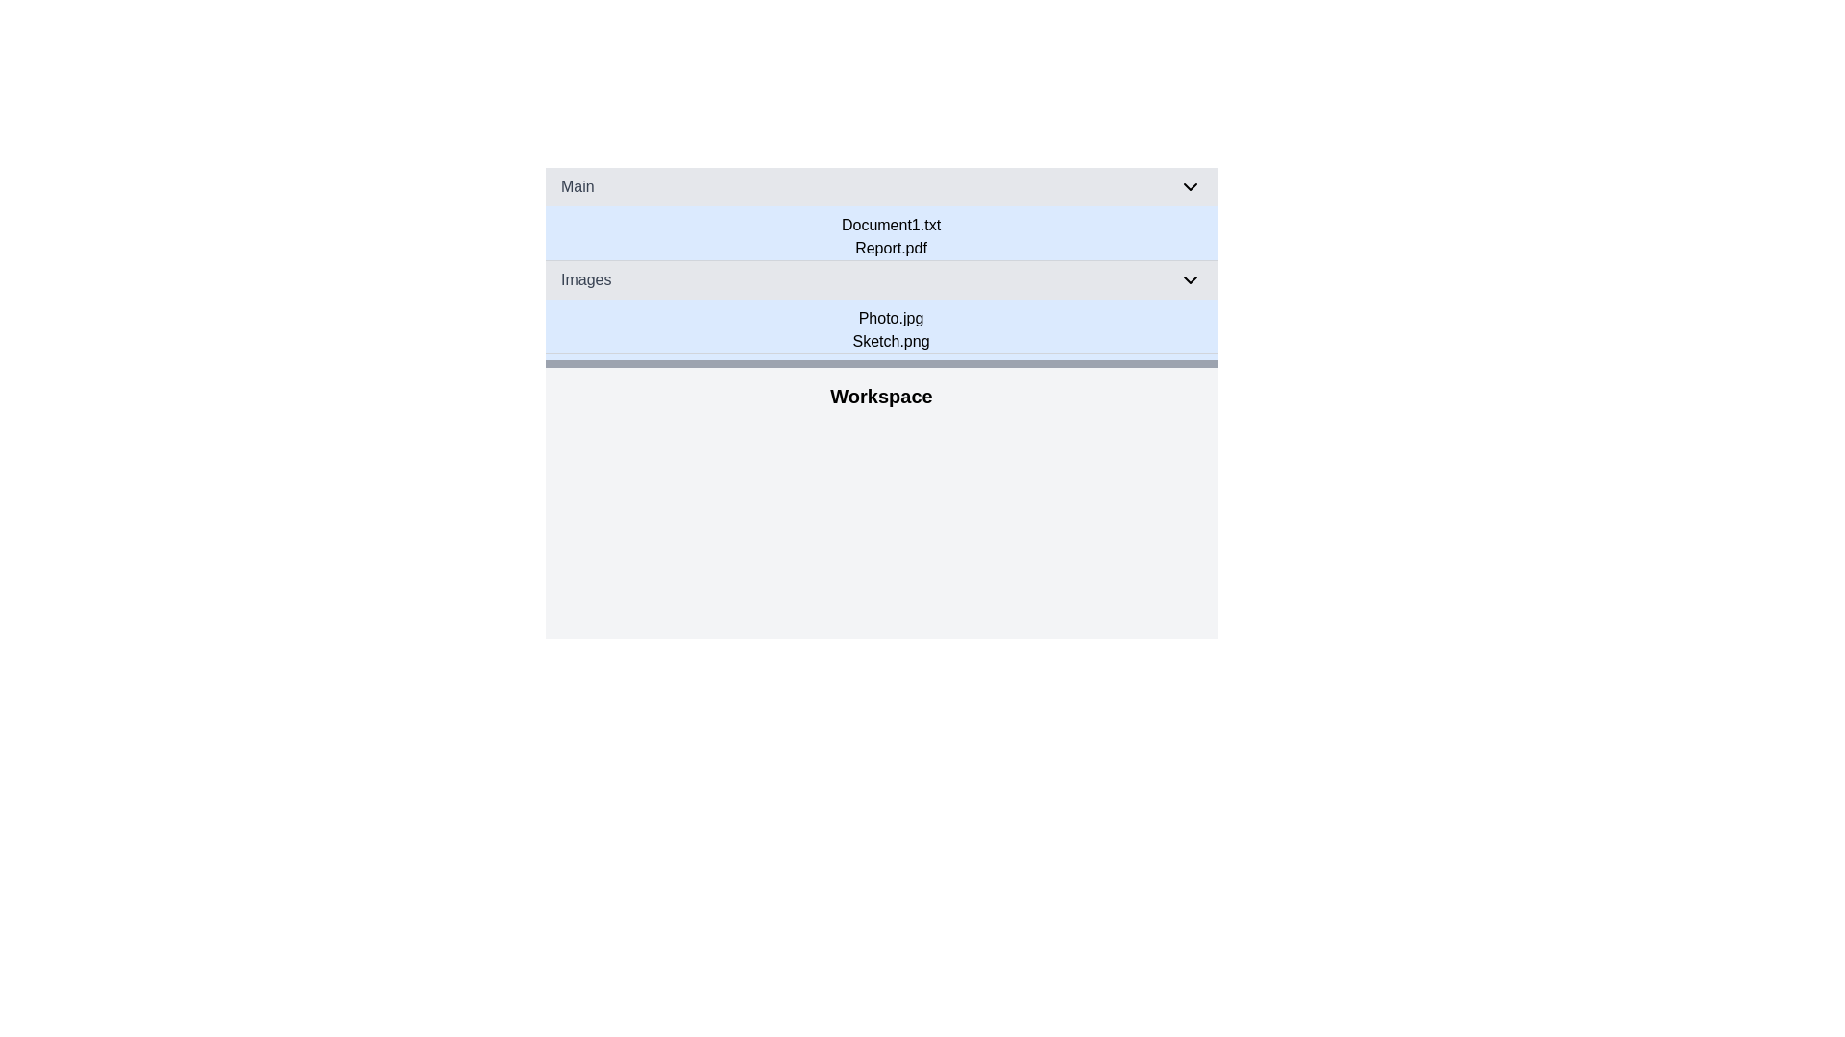 This screenshot has height=1037, width=1845. I want to click on the display area for the listed items 'Document1.txt' and 'Report.pdf', so click(890, 235).